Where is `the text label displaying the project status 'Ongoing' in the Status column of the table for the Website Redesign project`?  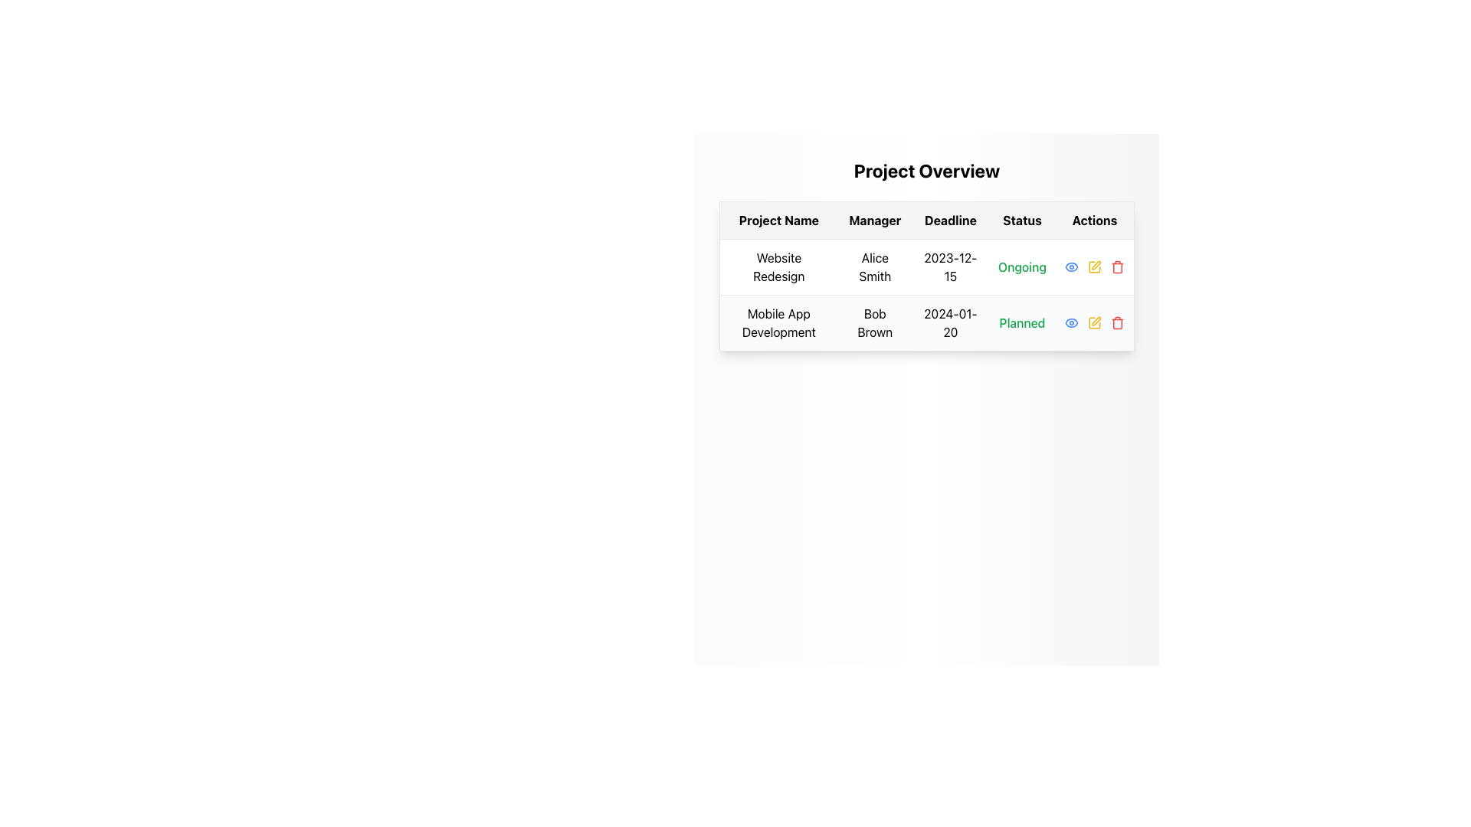
the text label displaying the project status 'Ongoing' in the Status column of the table for the Website Redesign project is located at coordinates (1022, 266).